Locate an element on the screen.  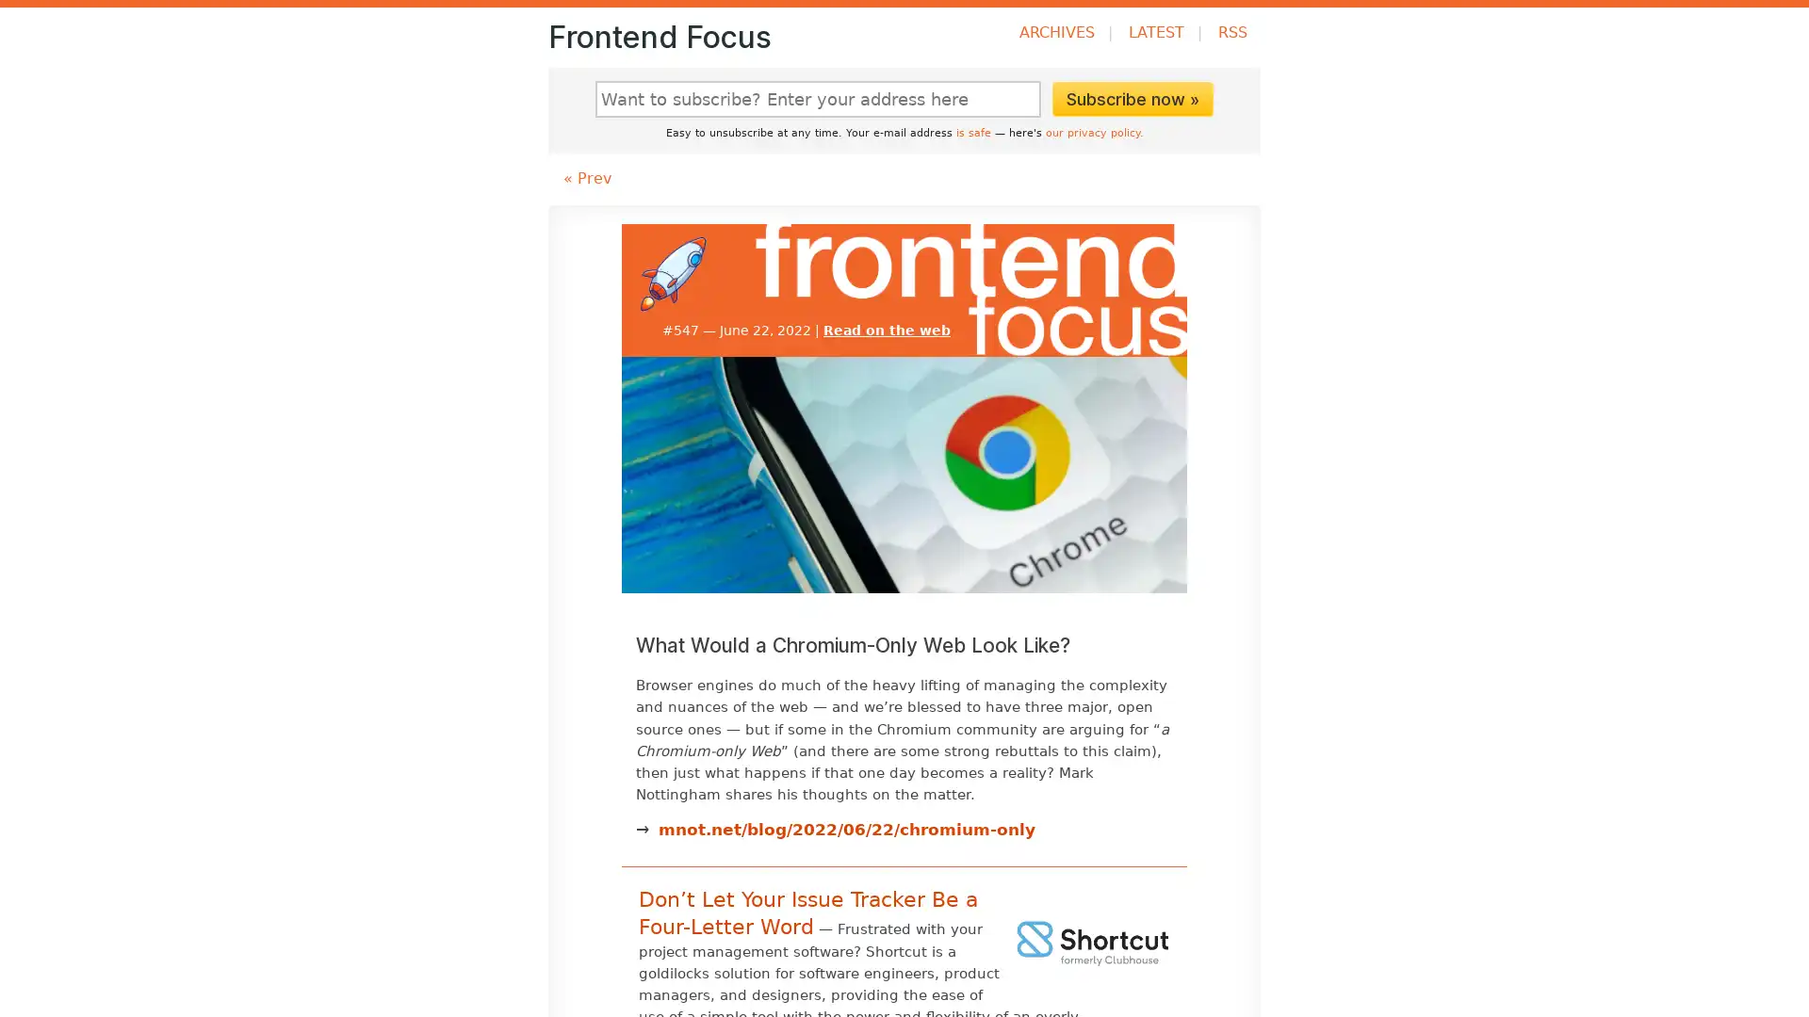
Subscribe now is located at coordinates (1132, 99).